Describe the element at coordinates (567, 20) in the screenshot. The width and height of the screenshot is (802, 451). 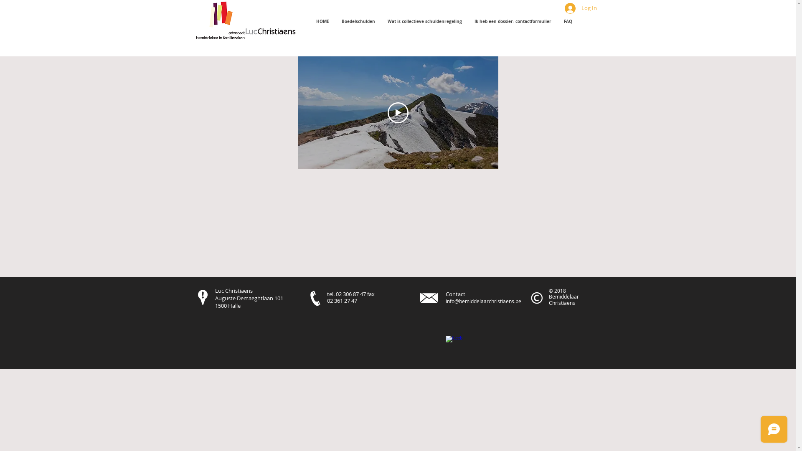
I see `'FAQ'` at that location.